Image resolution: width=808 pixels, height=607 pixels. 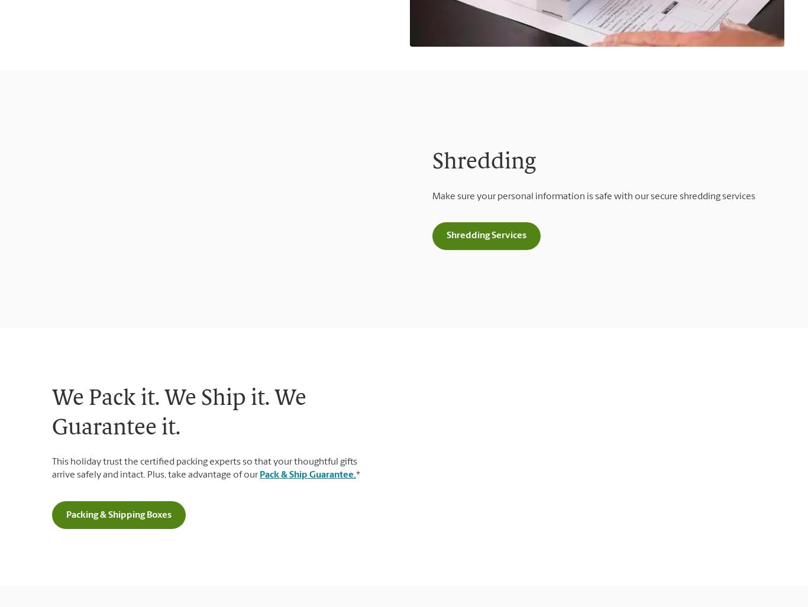 I want to click on 'Marketing Materials', so click(x=54, y=235).